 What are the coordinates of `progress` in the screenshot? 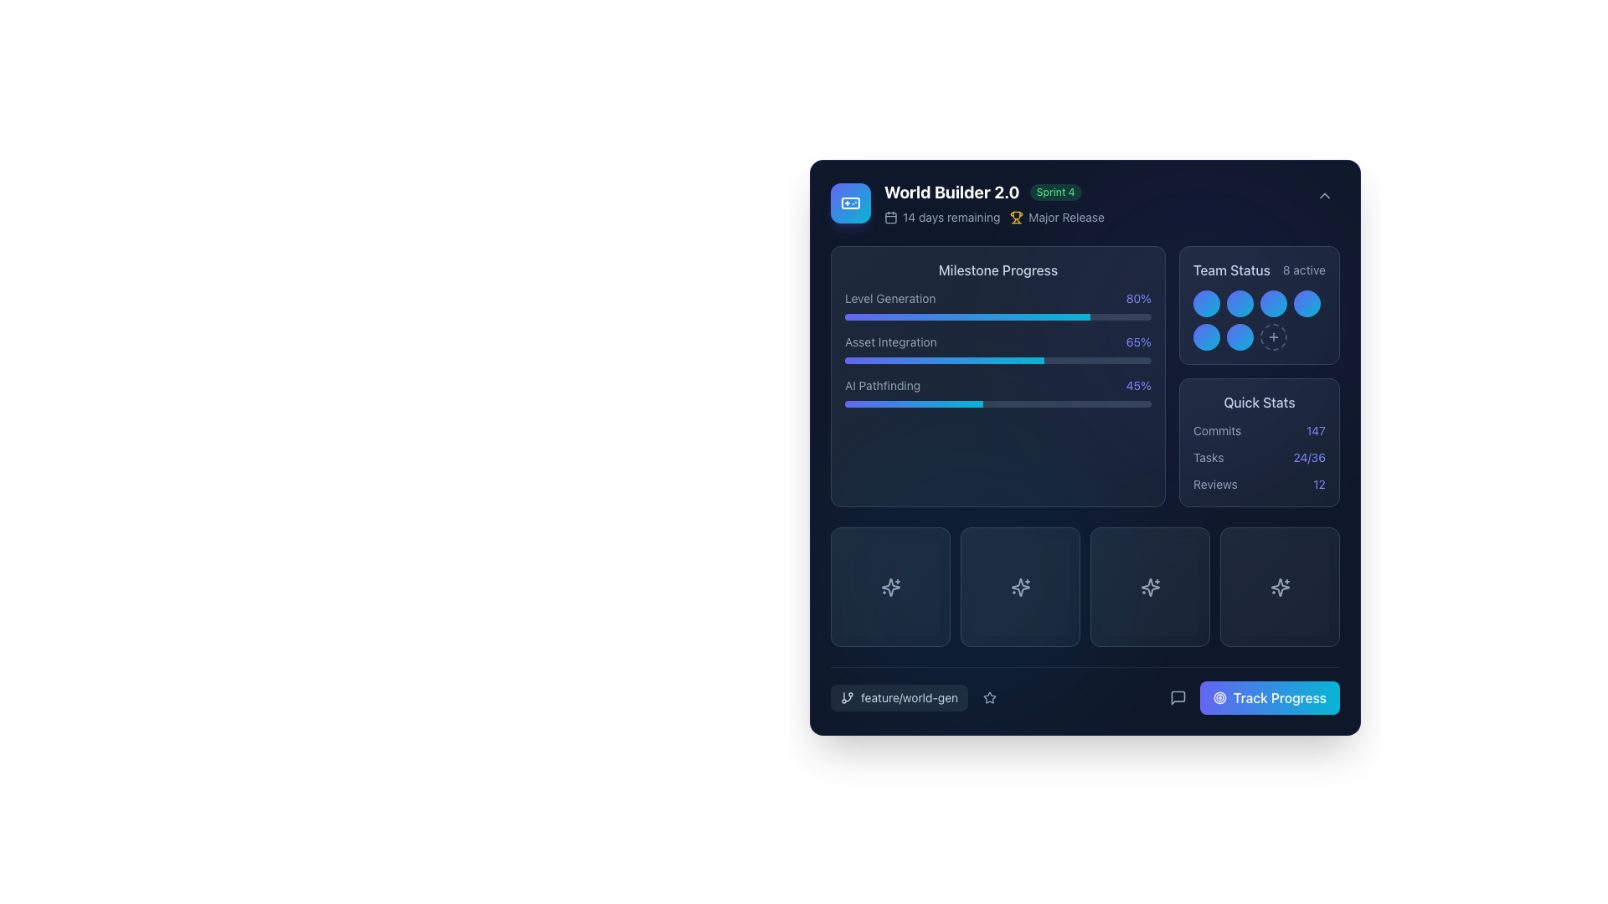 It's located at (1013, 316).